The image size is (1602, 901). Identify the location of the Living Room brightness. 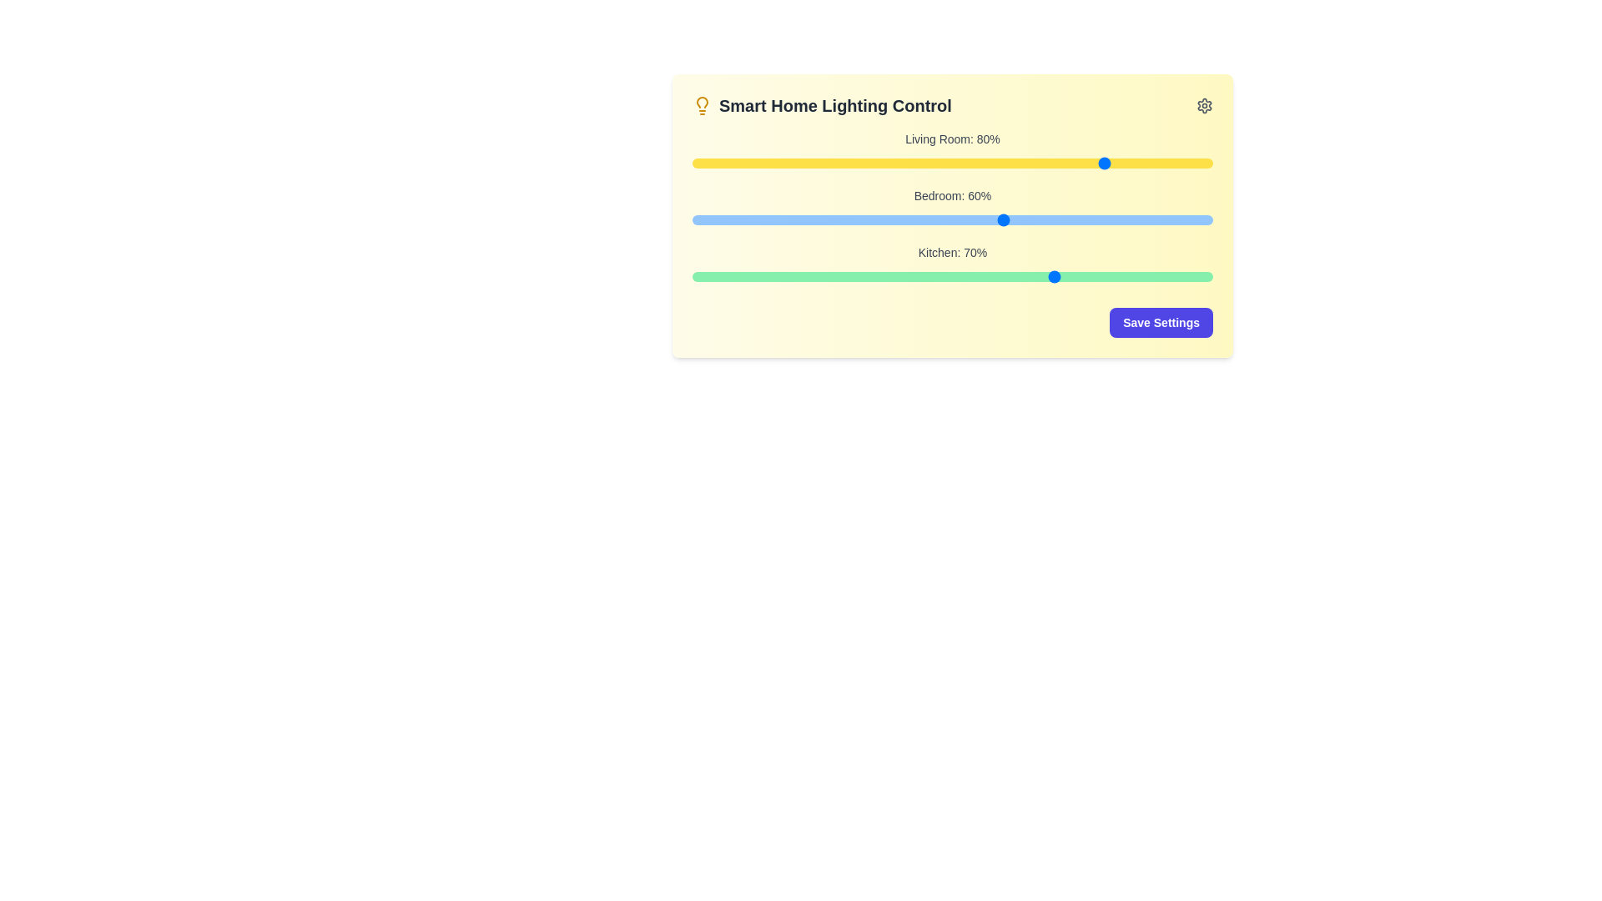
(925, 164).